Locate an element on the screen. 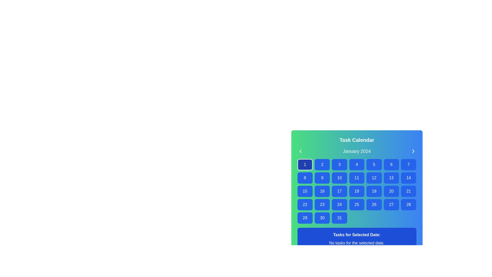 The height and width of the screenshot is (277, 492). the blue button displaying the number '13' located in the bottom right section of the calendar interface is located at coordinates (391, 178).